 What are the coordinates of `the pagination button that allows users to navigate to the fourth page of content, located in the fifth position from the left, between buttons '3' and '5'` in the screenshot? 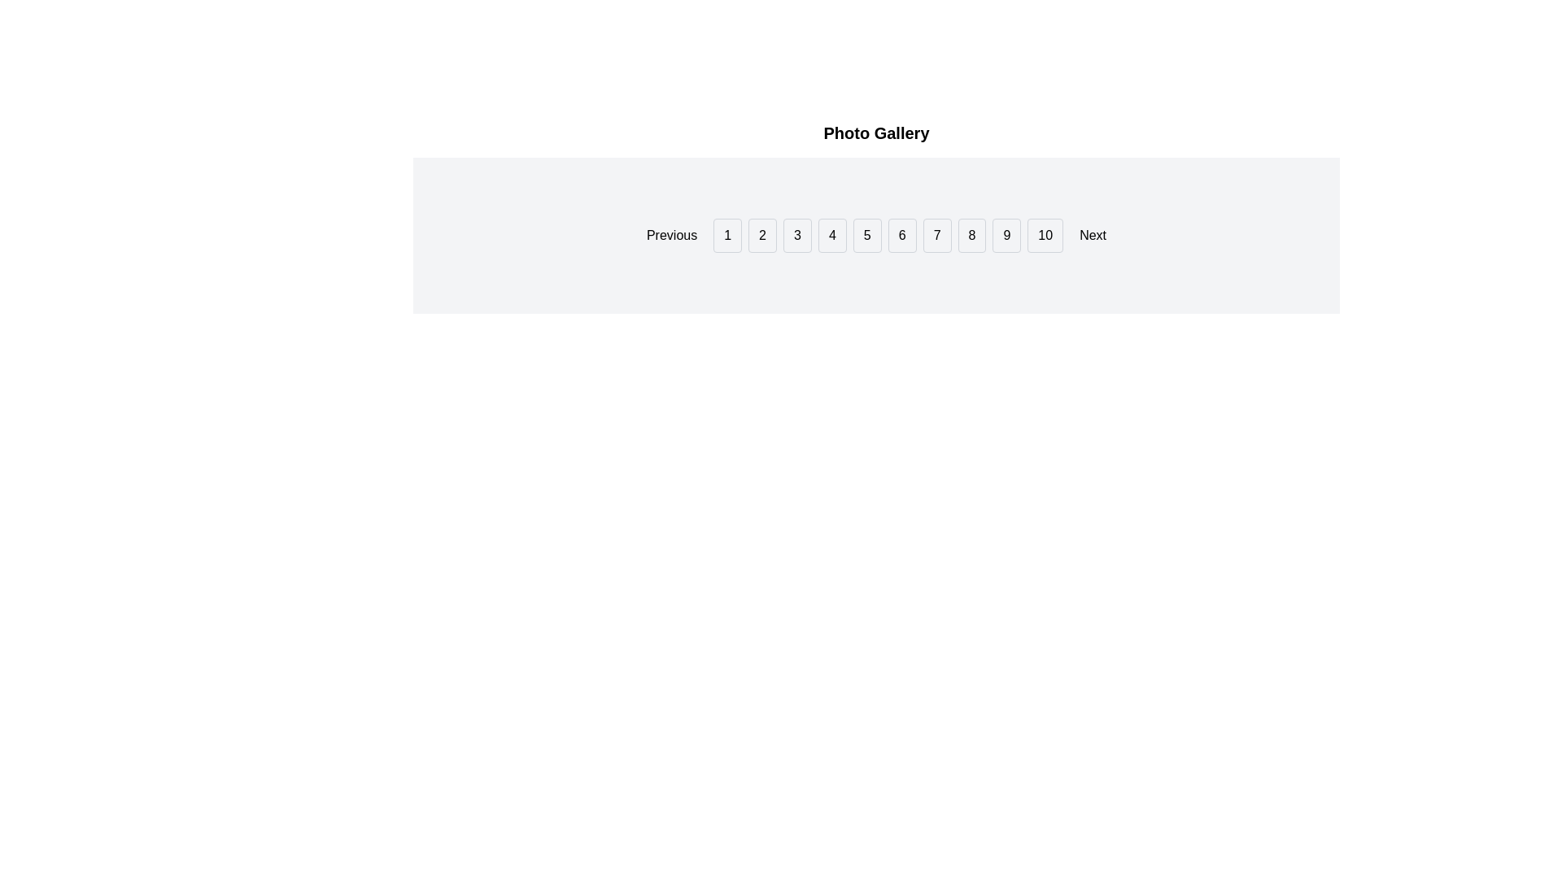 It's located at (832, 235).